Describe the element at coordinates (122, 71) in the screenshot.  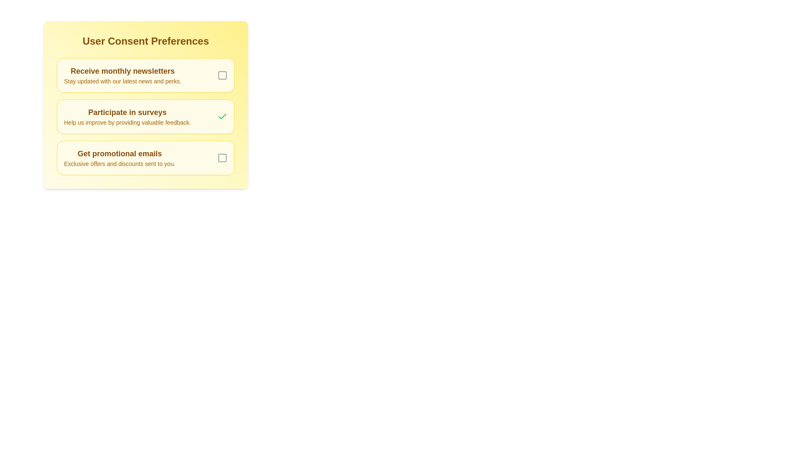
I see `the bold text label reading 'Receive monthly newsletters' styled in dark yellow color at the top of the user consent preferences panel` at that location.